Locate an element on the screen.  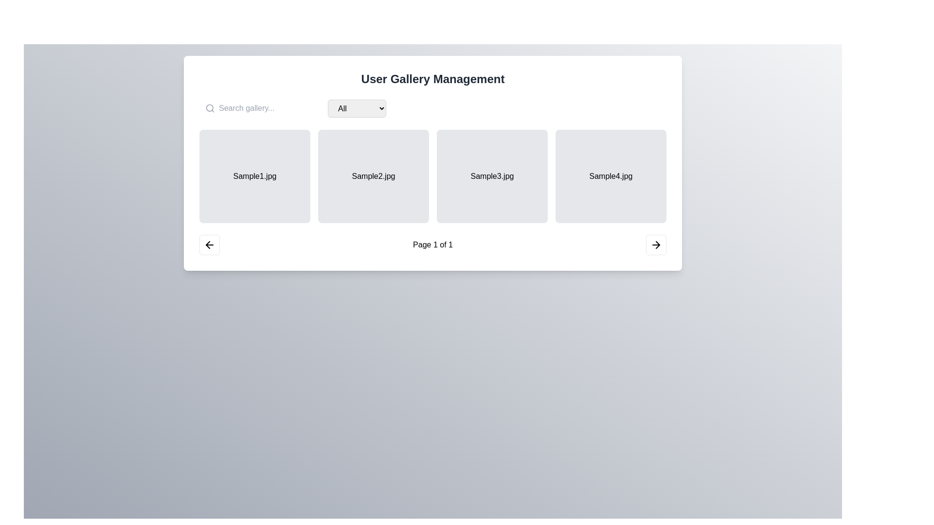
the search icon SVG graphic located to the left of the input field with the placeholder text 'Search gallery...', which serves as a visual cue for the search functionality is located at coordinates (210, 108).